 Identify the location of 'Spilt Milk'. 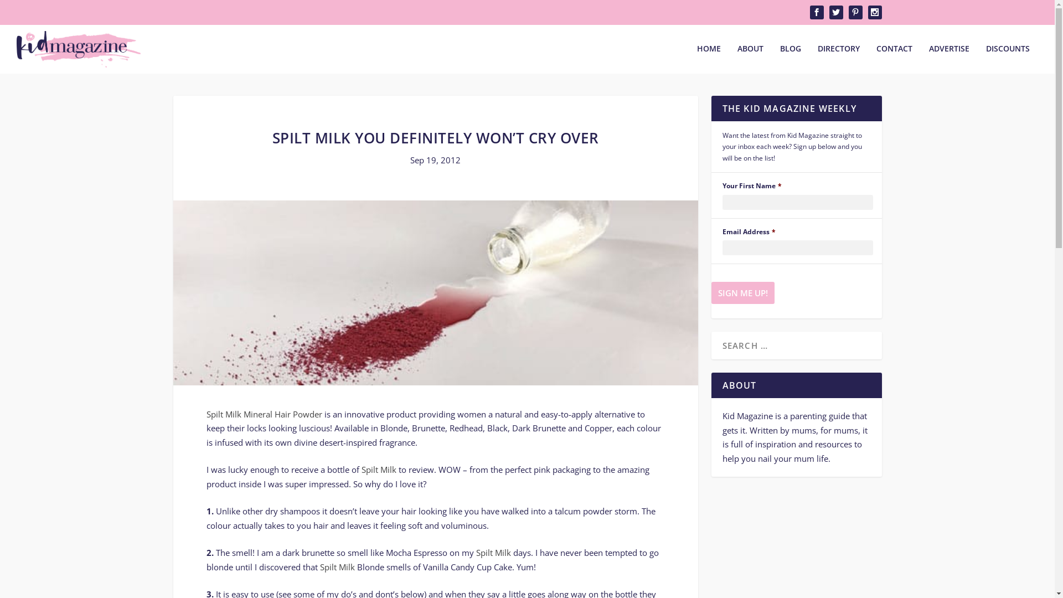
(337, 566).